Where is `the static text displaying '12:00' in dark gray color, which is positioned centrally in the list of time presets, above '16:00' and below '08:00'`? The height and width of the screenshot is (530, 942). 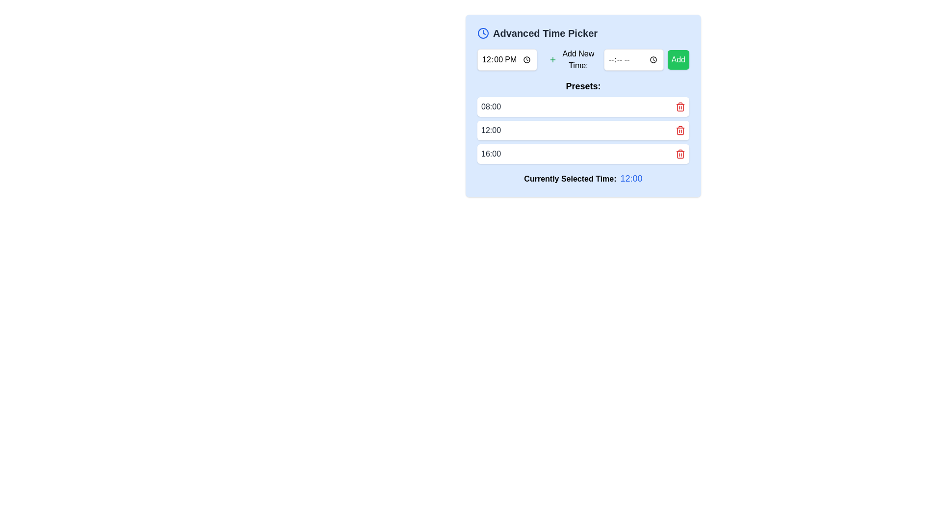
the static text displaying '12:00' in dark gray color, which is positioned centrally in the list of time presets, above '16:00' and below '08:00' is located at coordinates (491, 130).